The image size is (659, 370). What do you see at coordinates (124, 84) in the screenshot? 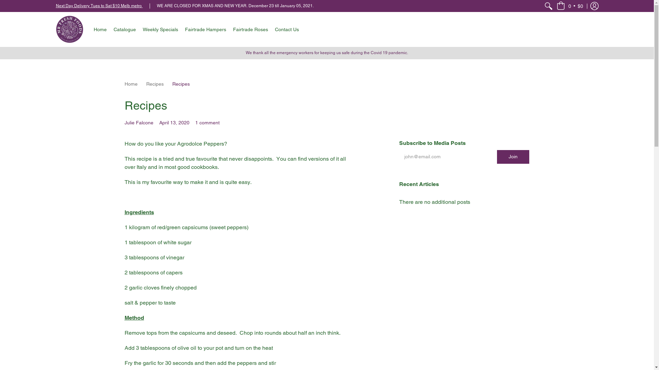
I see `'Home'` at bounding box center [124, 84].